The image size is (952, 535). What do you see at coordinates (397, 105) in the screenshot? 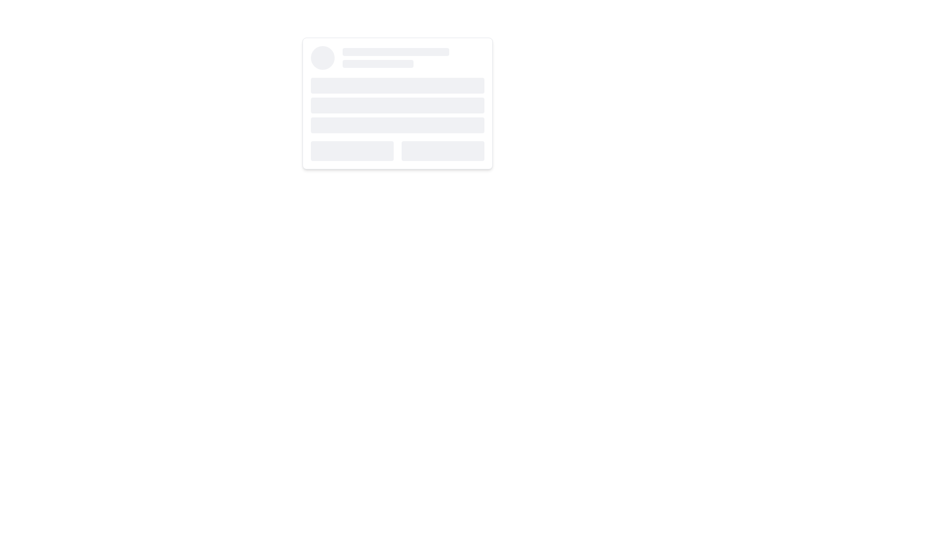
I see `the second animated loading placeholder element in the vertical sequence of three placeholders, which is positioned centrally in the interface` at bounding box center [397, 105].